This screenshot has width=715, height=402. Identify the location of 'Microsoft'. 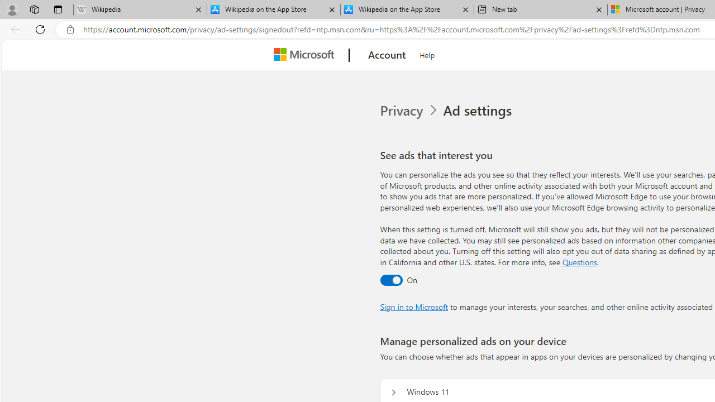
(306, 55).